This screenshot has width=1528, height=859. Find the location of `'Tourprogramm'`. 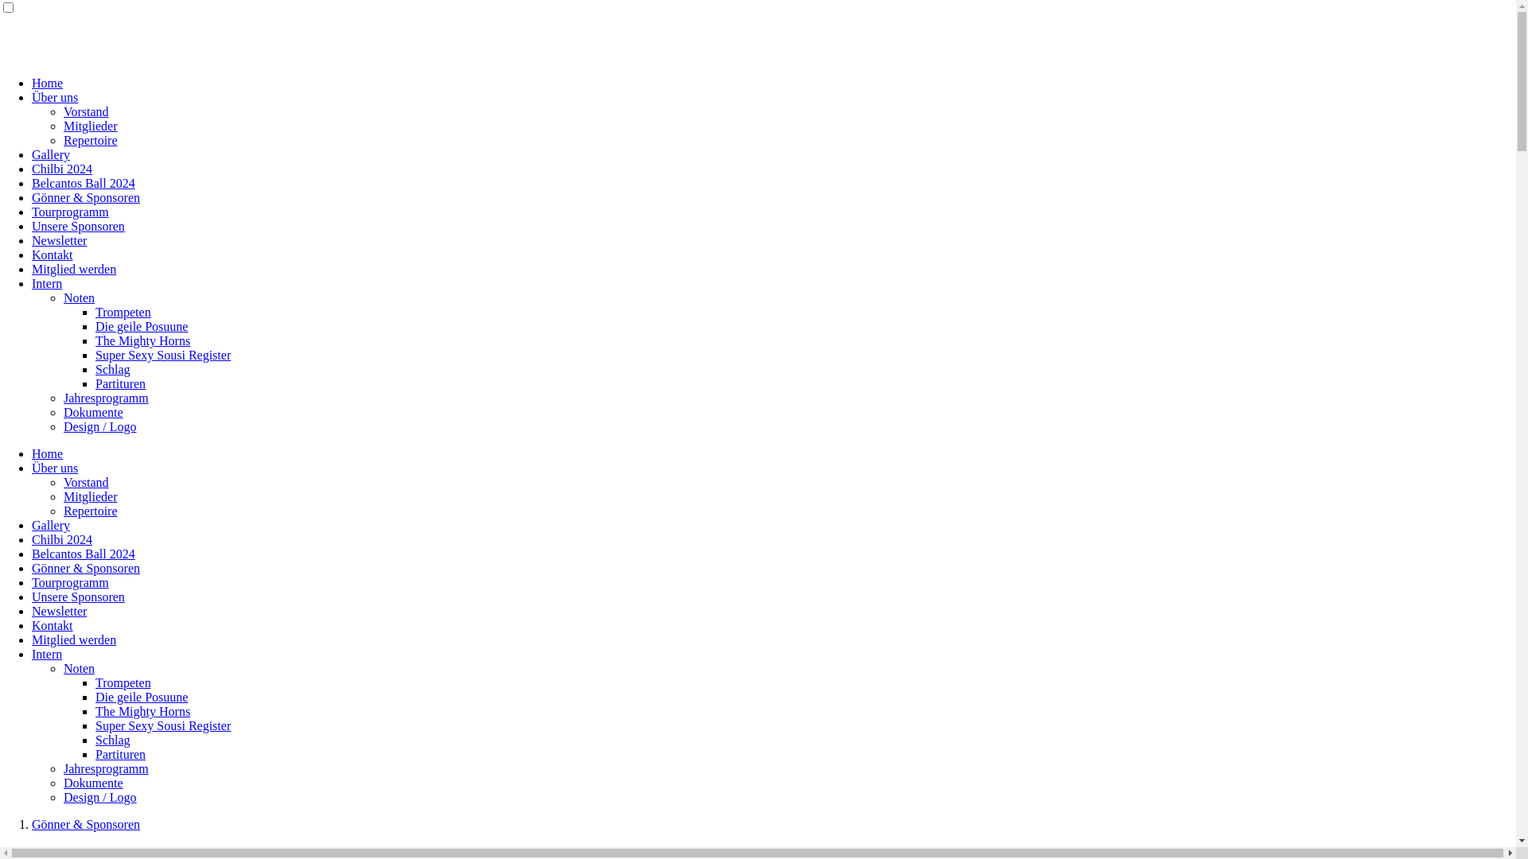

'Tourprogramm' is located at coordinates (69, 582).